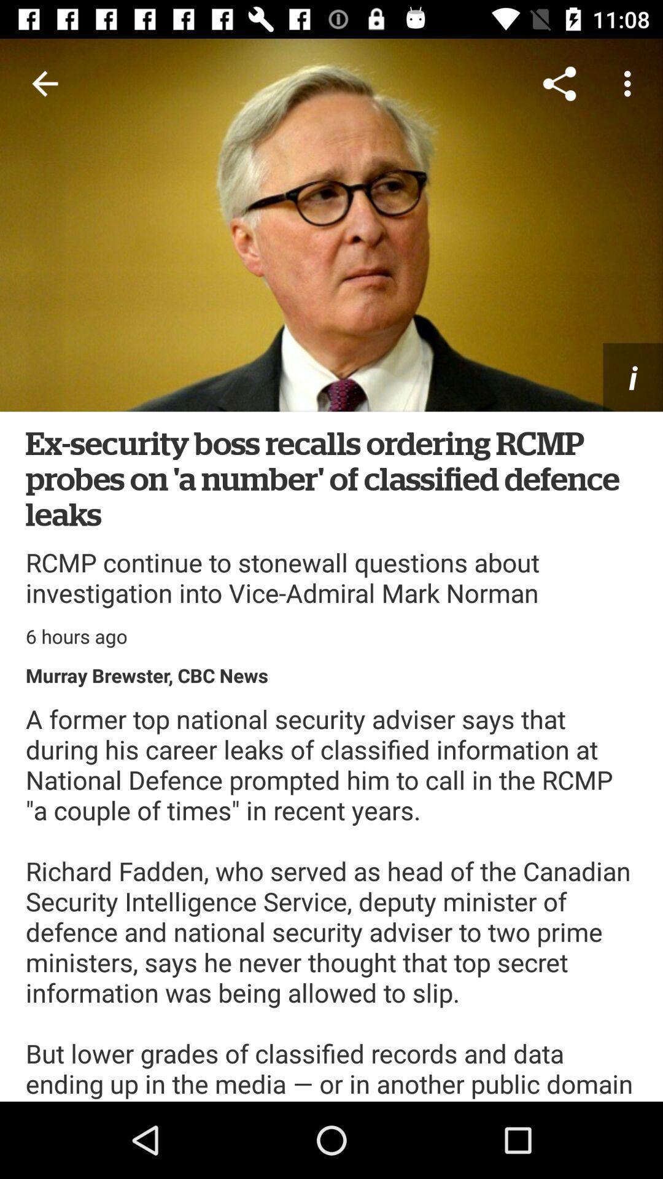 The image size is (663, 1179). I want to click on item above i, so click(630, 83).